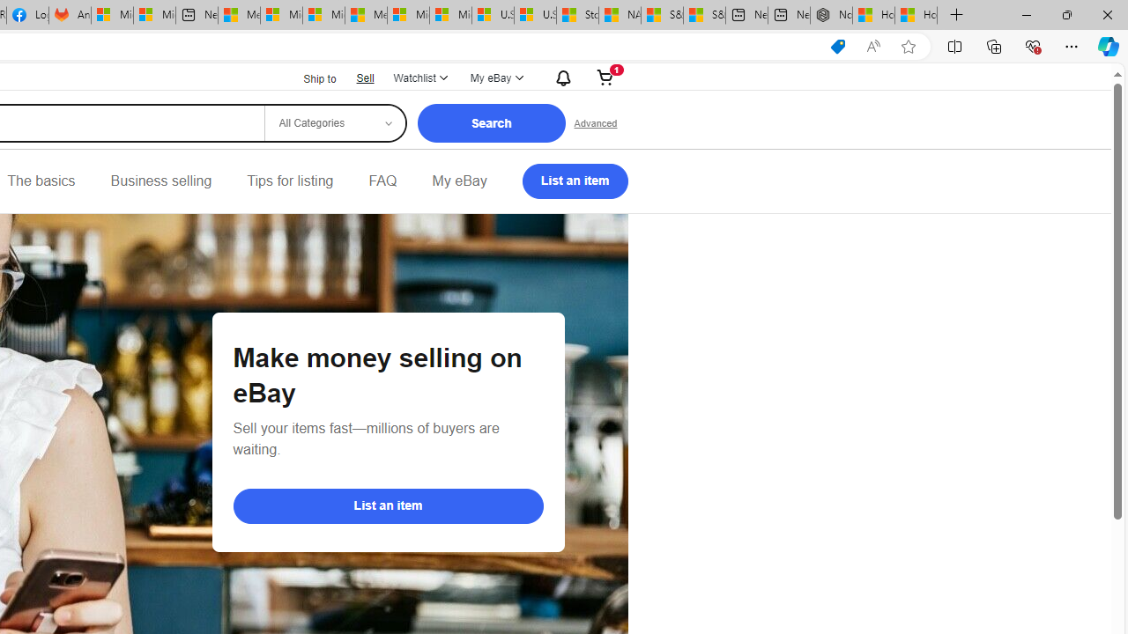 This screenshot has height=634, width=1128. Describe the element at coordinates (382, 181) in the screenshot. I see `'FAQ'` at that location.